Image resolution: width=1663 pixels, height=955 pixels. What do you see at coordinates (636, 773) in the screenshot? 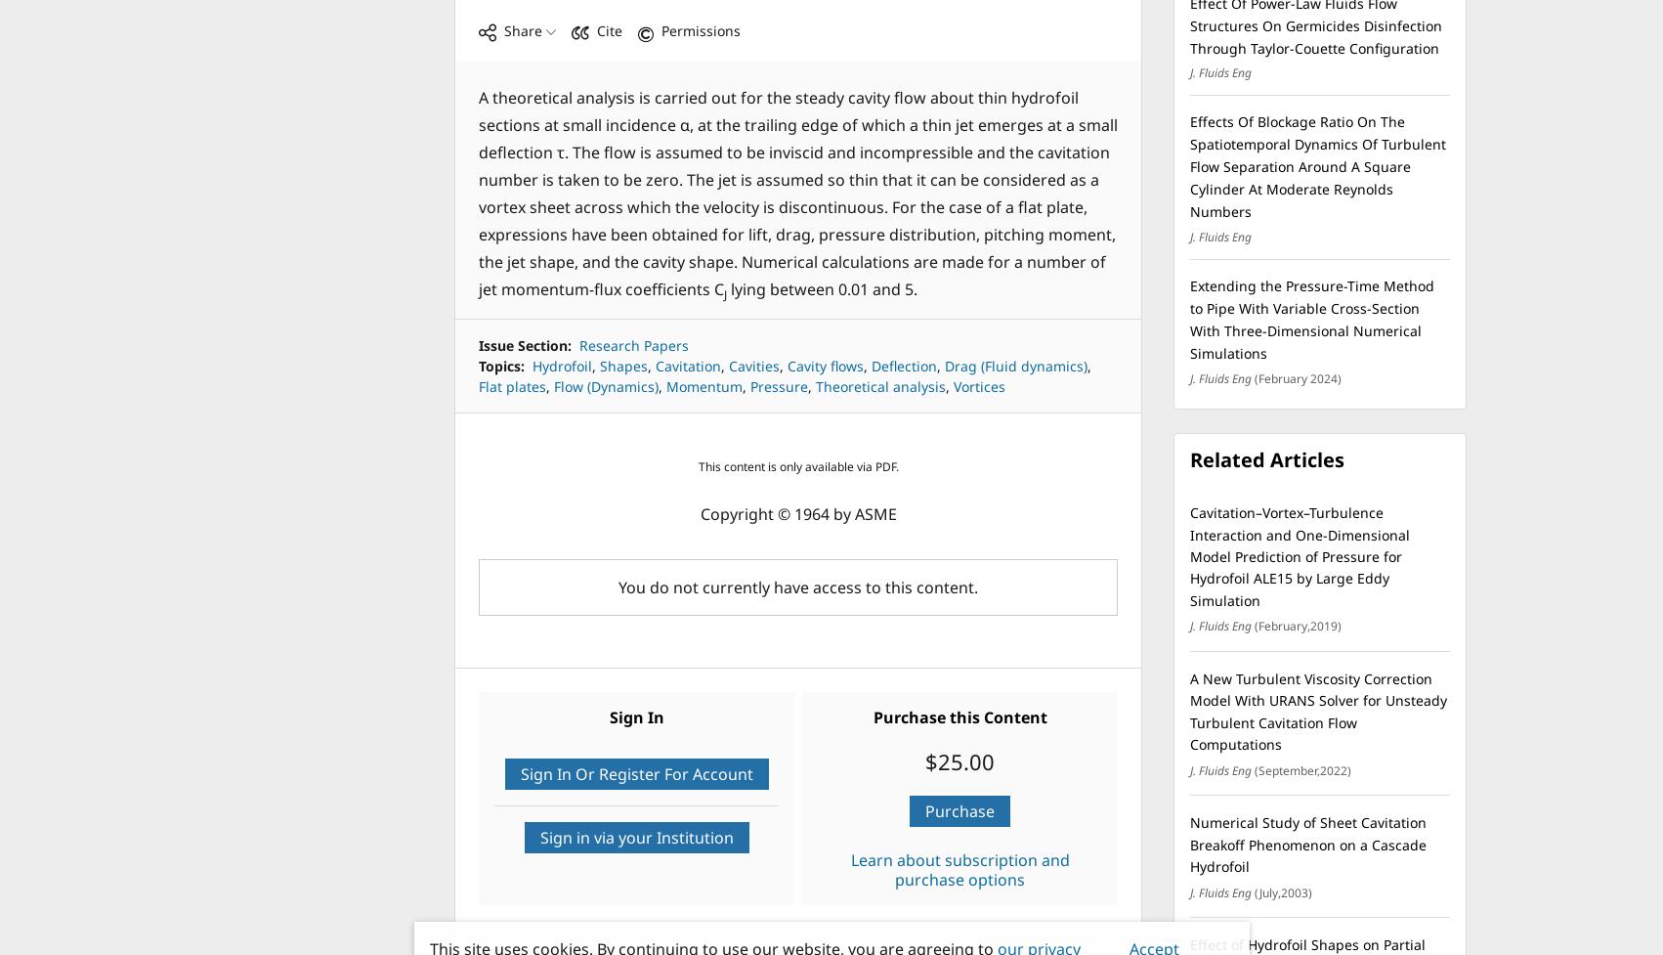
I see `'Sign In Or Register For Account'` at bounding box center [636, 773].